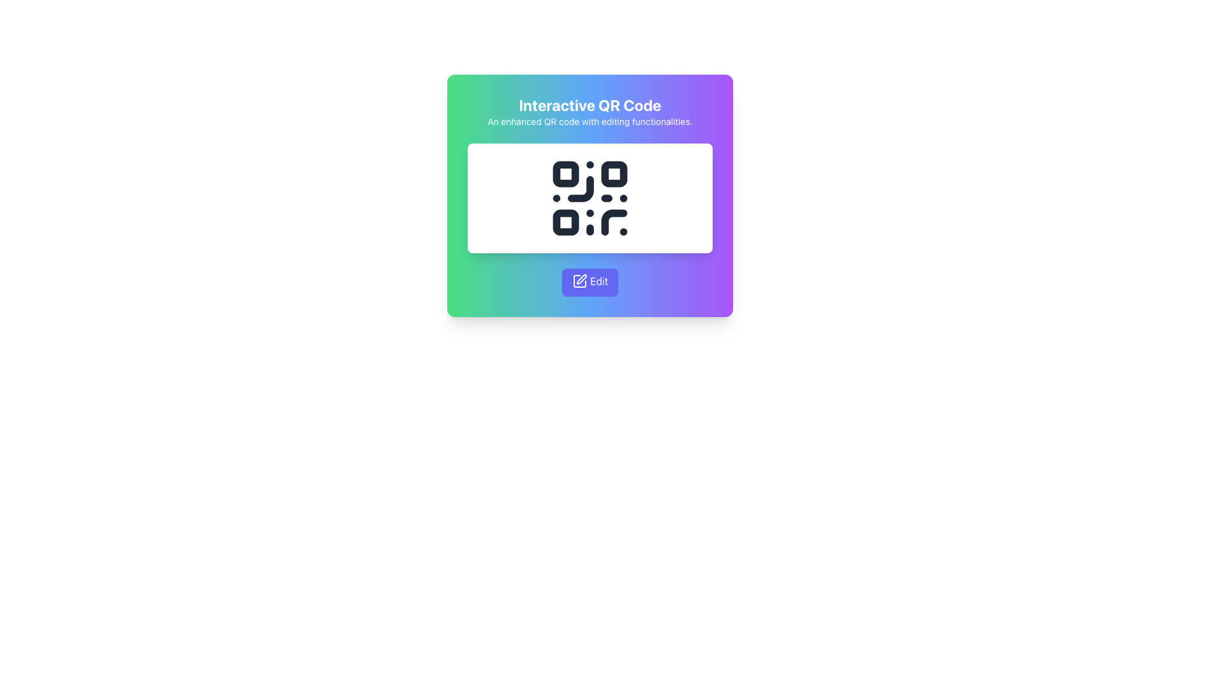 Image resolution: width=1225 pixels, height=689 pixels. Describe the element at coordinates (590, 282) in the screenshot. I see `the edit button located at the bottom-central part of the rounded rectangular card to initiate the edit action` at that location.